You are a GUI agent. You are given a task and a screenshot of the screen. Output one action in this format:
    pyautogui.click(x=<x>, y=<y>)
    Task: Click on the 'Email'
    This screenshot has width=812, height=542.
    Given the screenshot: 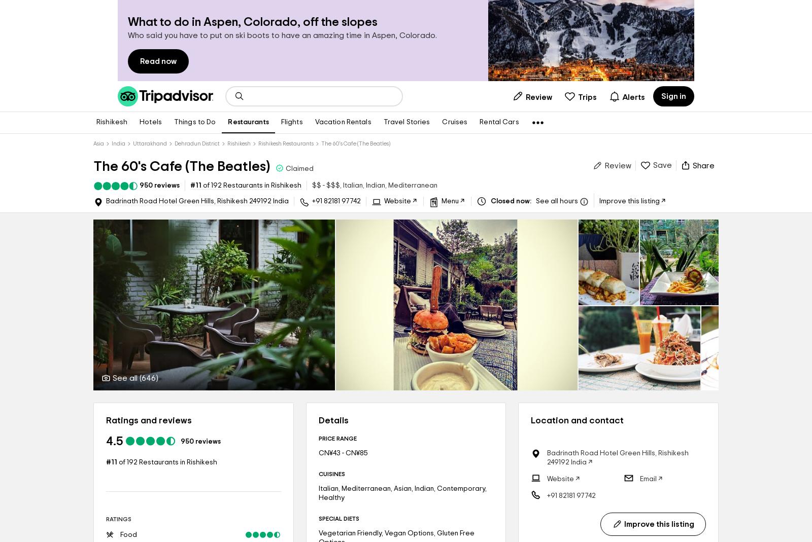 What is the action you would take?
    pyautogui.click(x=639, y=478)
    